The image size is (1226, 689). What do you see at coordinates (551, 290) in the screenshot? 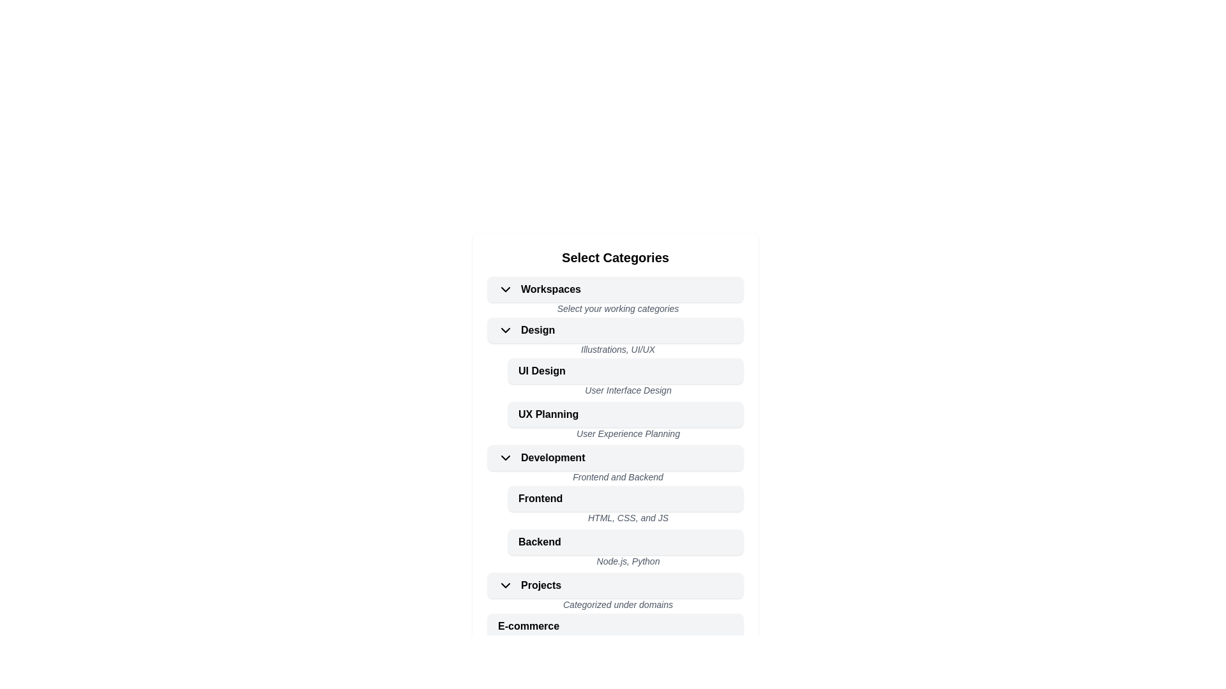
I see `the 'Workspaces' Text Label, which is positioned near the top of the vertical list of categories, right of the dropdown indicator and aligned with the 'Select Categories' header` at bounding box center [551, 290].